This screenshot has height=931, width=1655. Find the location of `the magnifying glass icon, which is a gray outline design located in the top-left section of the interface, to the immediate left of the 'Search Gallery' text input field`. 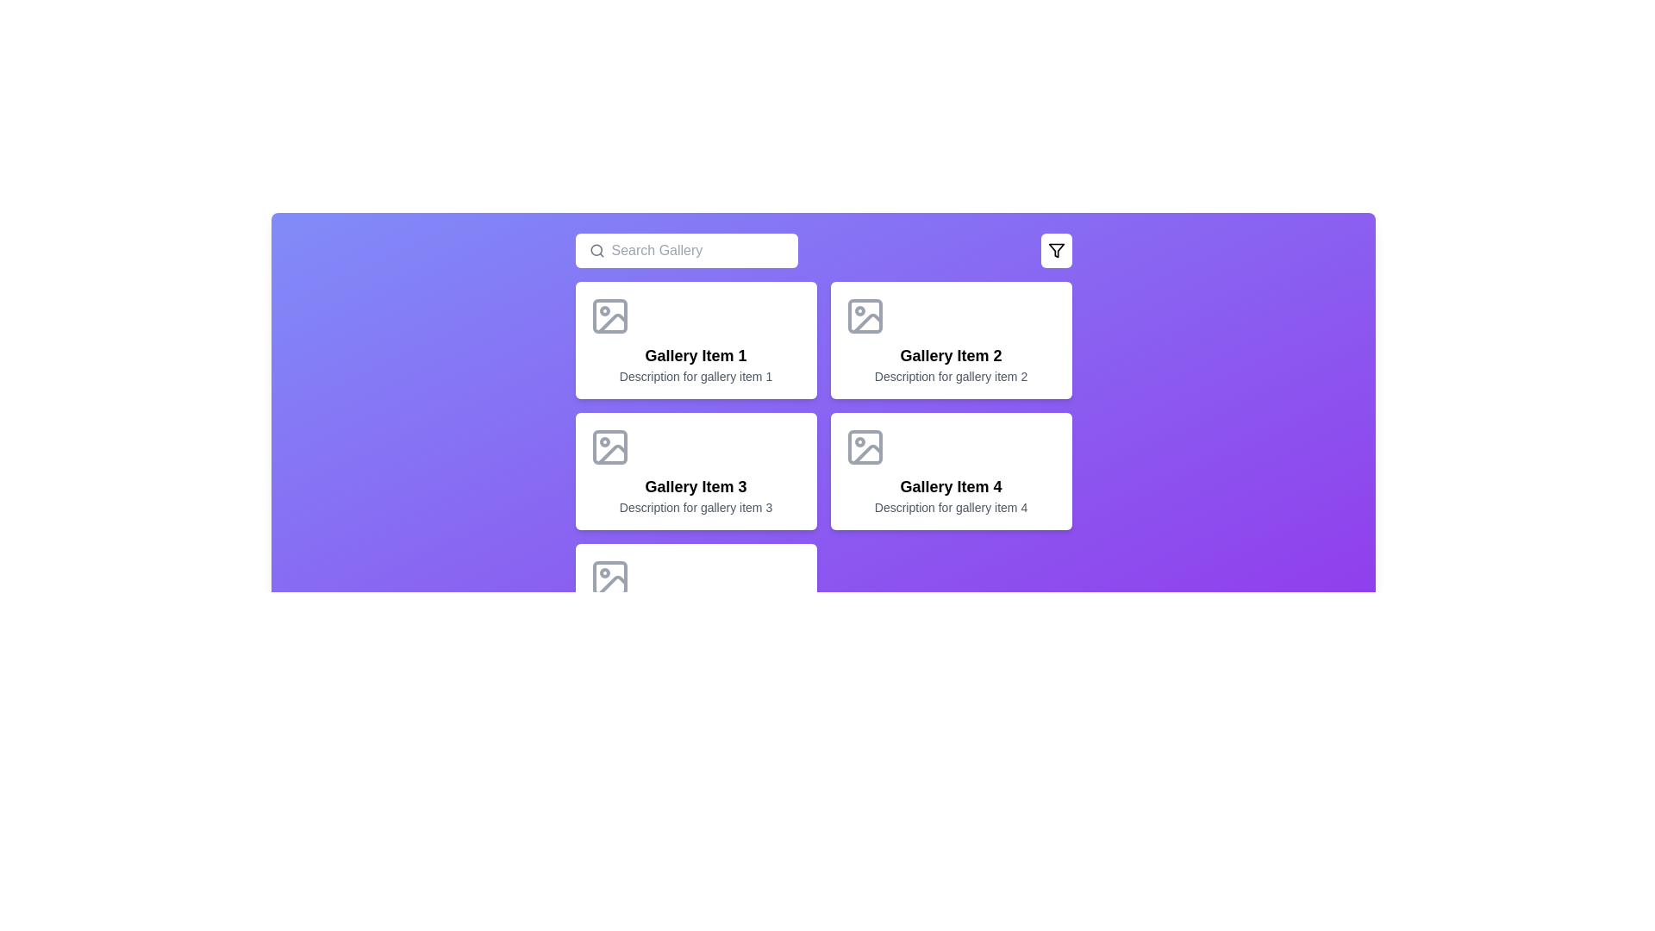

the magnifying glass icon, which is a gray outline design located in the top-left section of the interface, to the immediate left of the 'Search Gallery' text input field is located at coordinates (596, 250).